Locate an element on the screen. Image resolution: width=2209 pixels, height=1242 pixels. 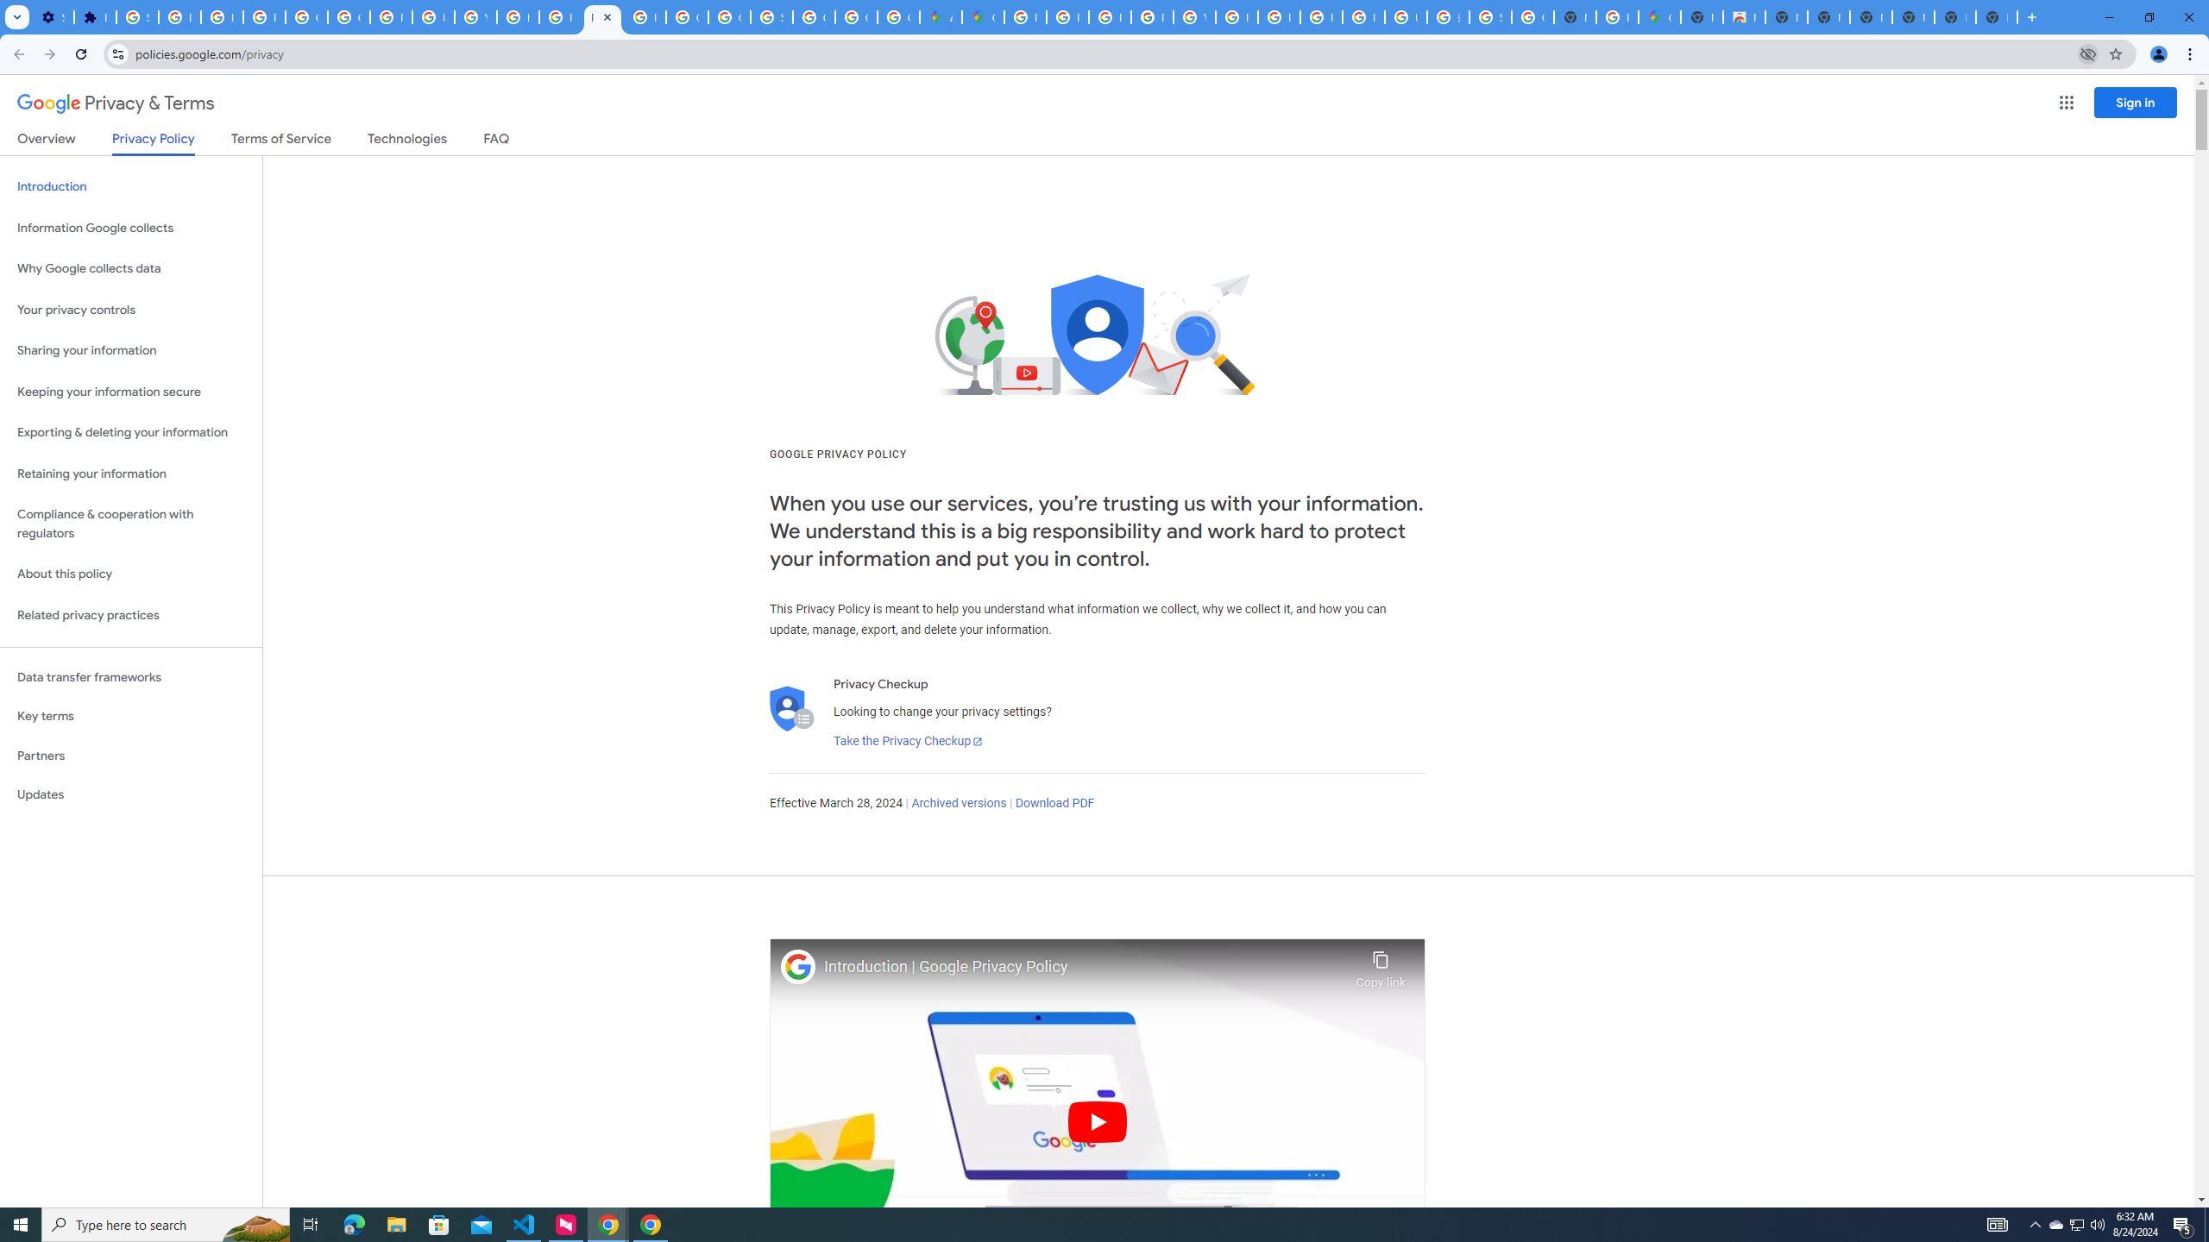
'Compliance & cooperation with regulators' is located at coordinates (130, 524).